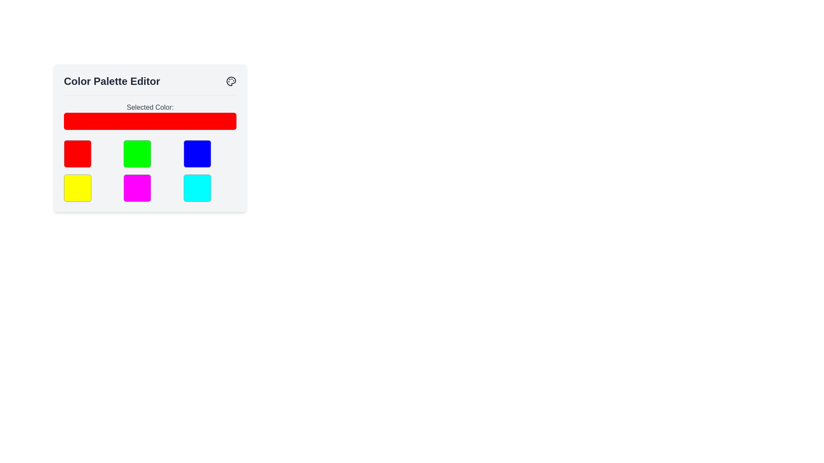  Describe the element at coordinates (78, 153) in the screenshot. I see `the red square-shaped button with rounded corners and a thin gray border` at that location.